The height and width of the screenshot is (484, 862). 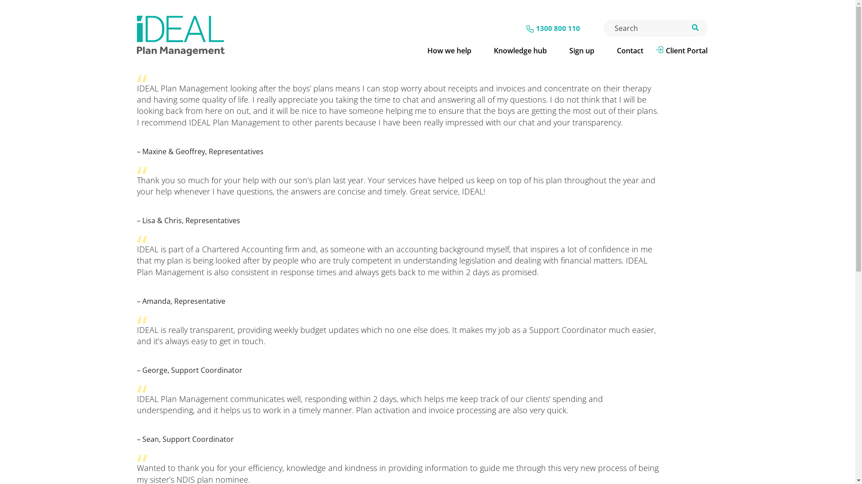 I want to click on 'Enter the terms you wish to search for.', so click(x=655, y=27).